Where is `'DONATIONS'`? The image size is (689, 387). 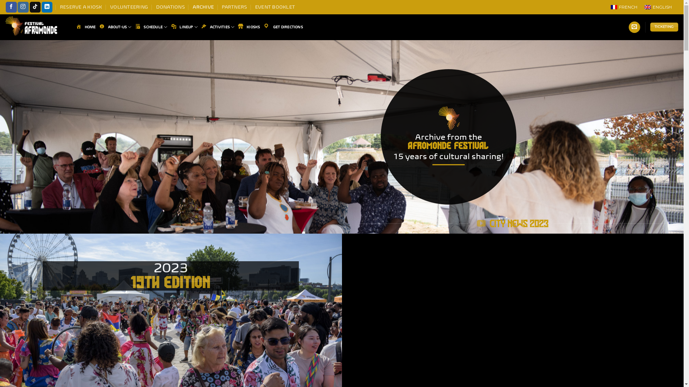 'DONATIONS' is located at coordinates (170, 7).